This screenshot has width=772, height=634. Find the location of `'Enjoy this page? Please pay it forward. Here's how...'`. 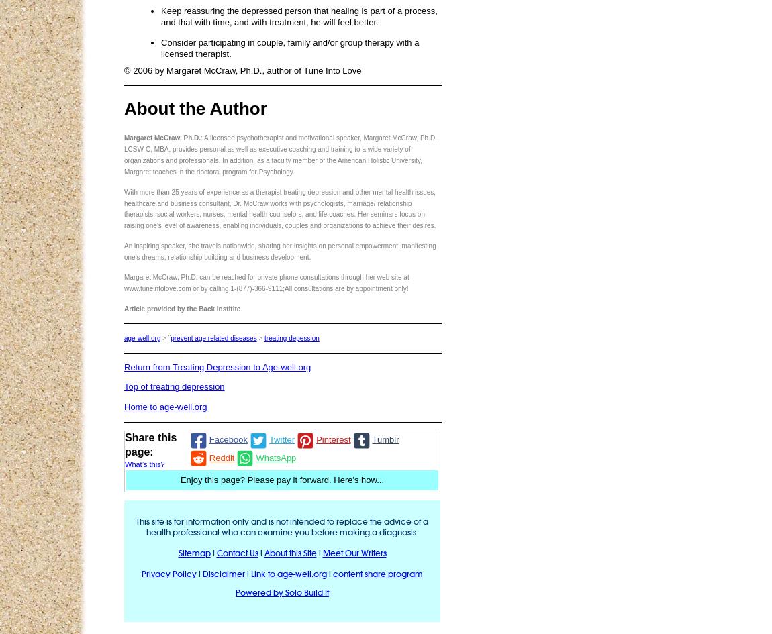

'Enjoy this page? Please pay it forward. Here's how...' is located at coordinates (281, 479).